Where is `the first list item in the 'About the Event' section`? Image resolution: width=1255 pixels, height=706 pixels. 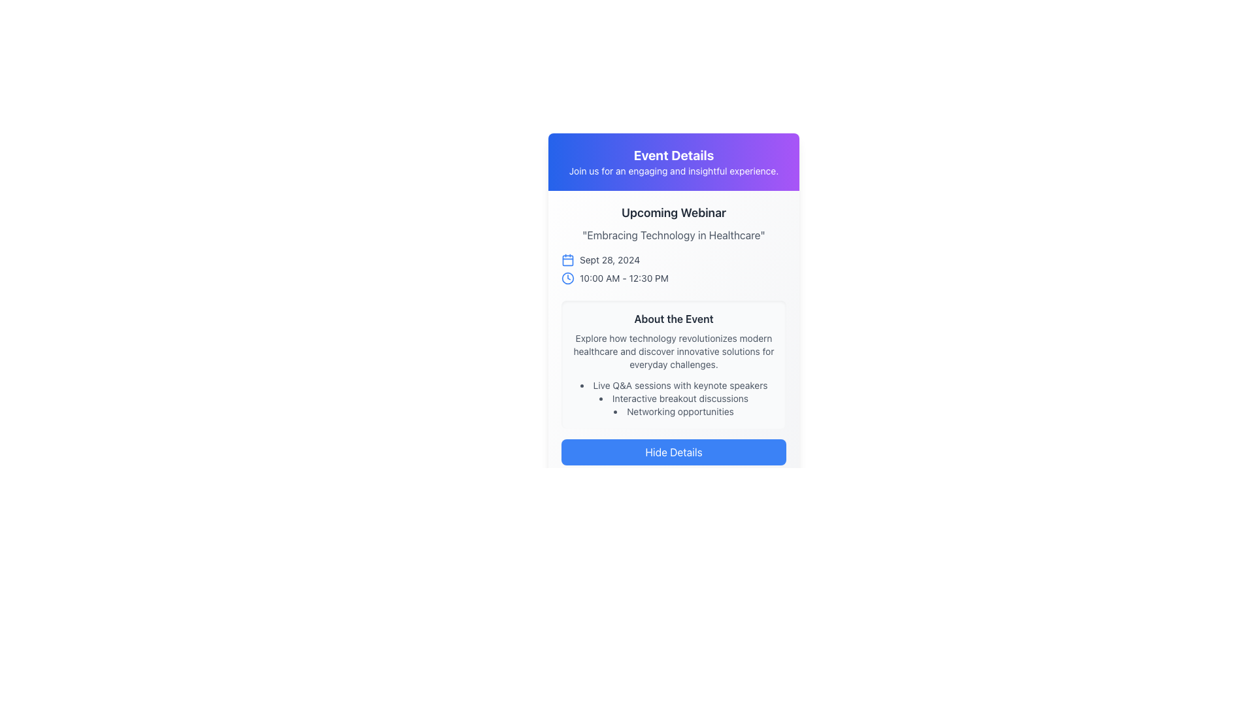 the first list item in the 'About the Event' section is located at coordinates (674, 385).